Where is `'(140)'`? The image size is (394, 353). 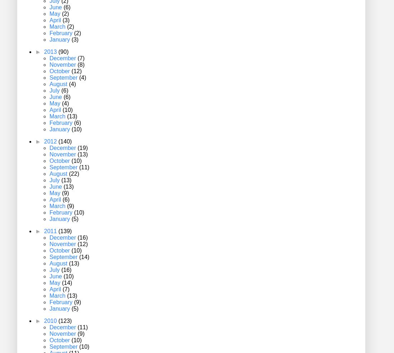
'(140)' is located at coordinates (58, 141).